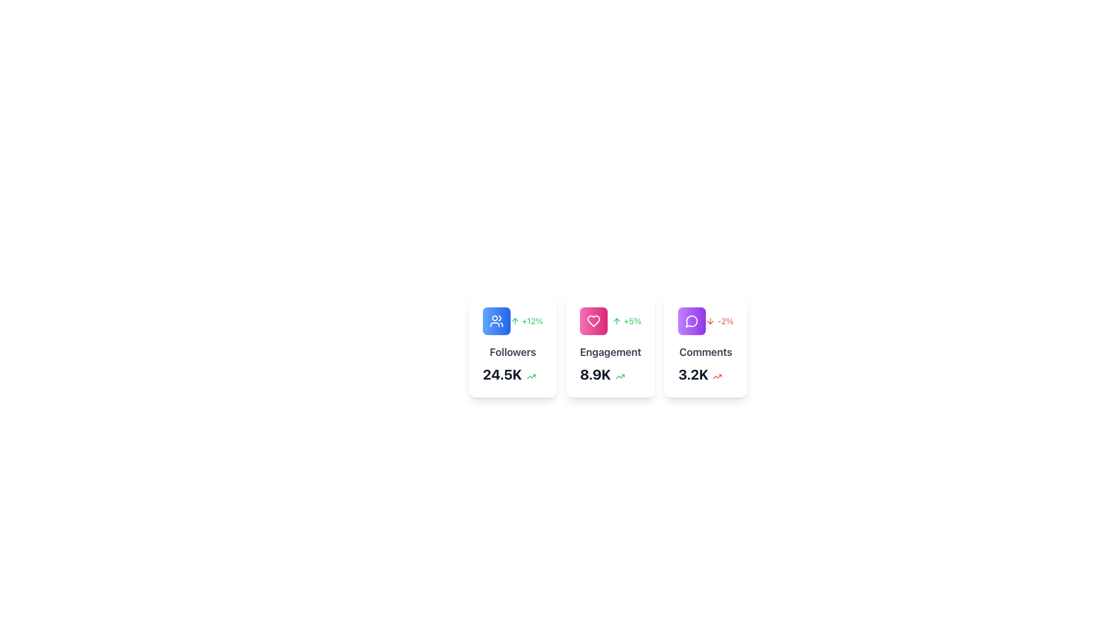 This screenshot has height=624, width=1109. I want to click on the Label with a purple rectangle containing a white chat bubble icon, a red downward arrow, and the text '-2%' in red, located in the uppermost segment of the 'Comments' card, so click(705, 321).